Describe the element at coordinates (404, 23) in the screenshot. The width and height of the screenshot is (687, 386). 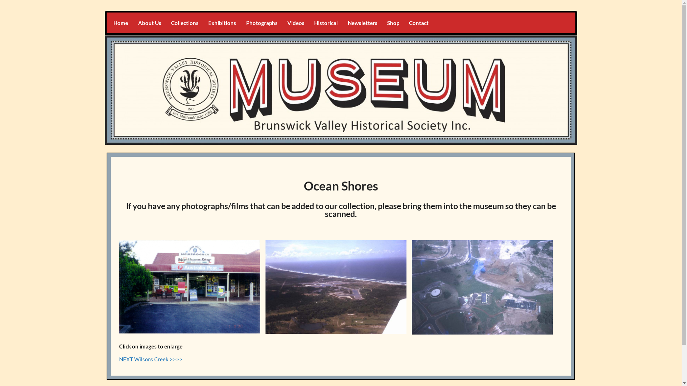
I see `'Contact'` at that location.